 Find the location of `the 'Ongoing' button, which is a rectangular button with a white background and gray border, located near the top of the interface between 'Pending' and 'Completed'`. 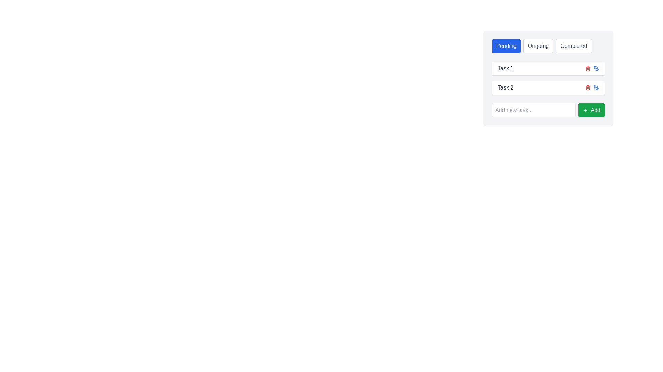

the 'Ongoing' button, which is a rectangular button with a white background and gray border, located near the top of the interface between 'Pending' and 'Completed' is located at coordinates (538, 46).